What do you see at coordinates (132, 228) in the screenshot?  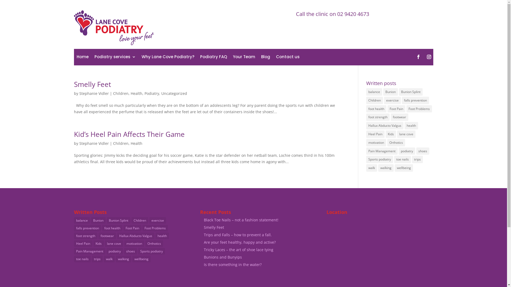 I see `'Foot Pain'` at bounding box center [132, 228].